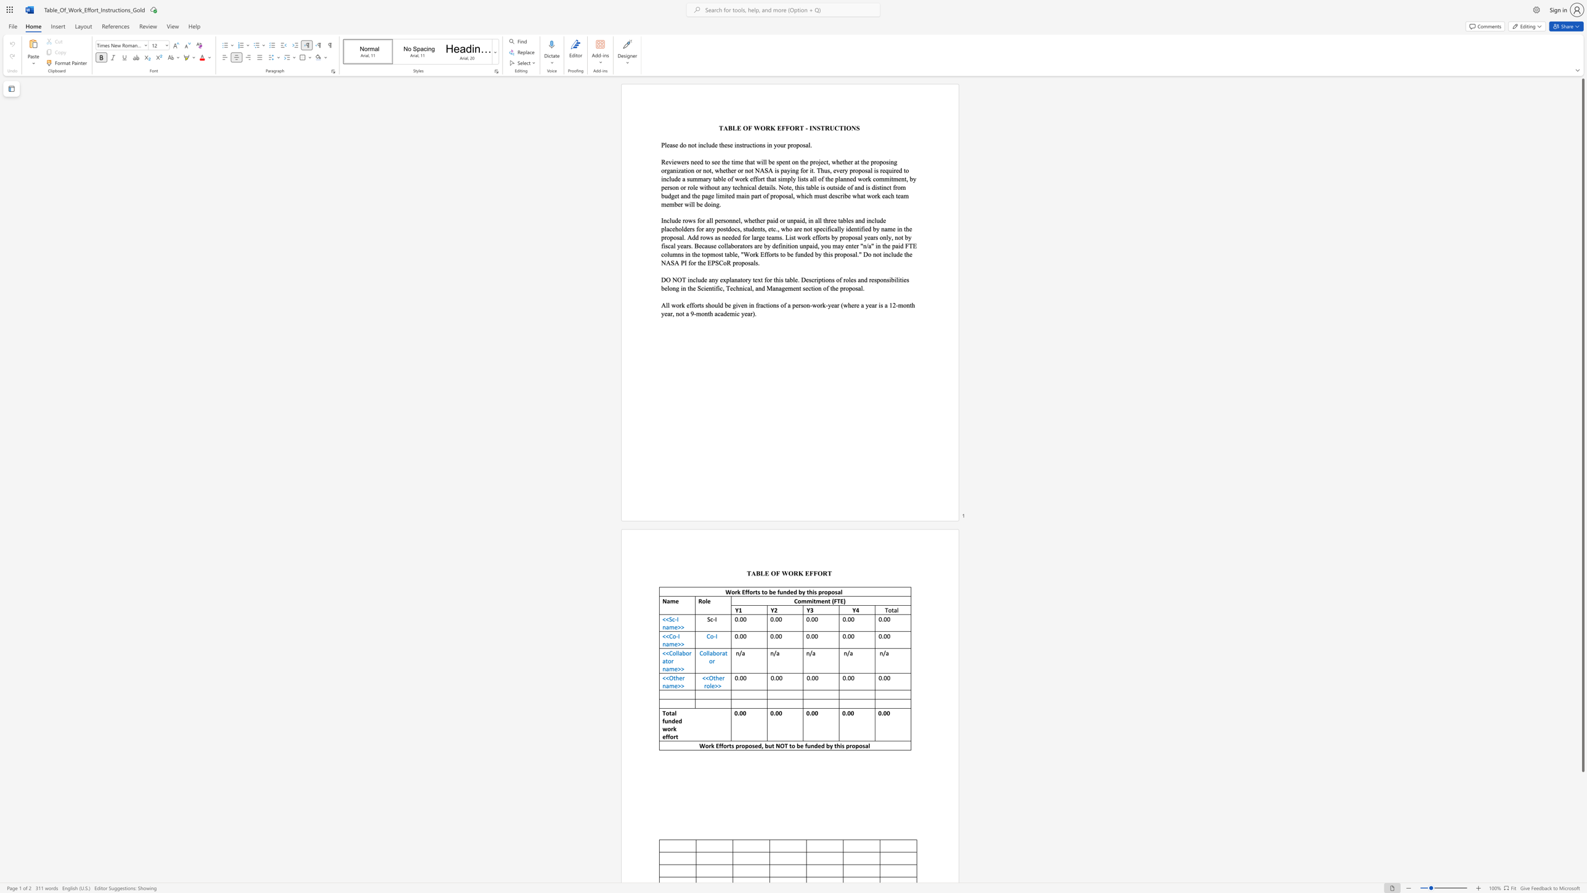 The image size is (1587, 893). Describe the element at coordinates (1582, 842) in the screenshot. I see `the scrollbar on the right to shift the page lower` at that location.